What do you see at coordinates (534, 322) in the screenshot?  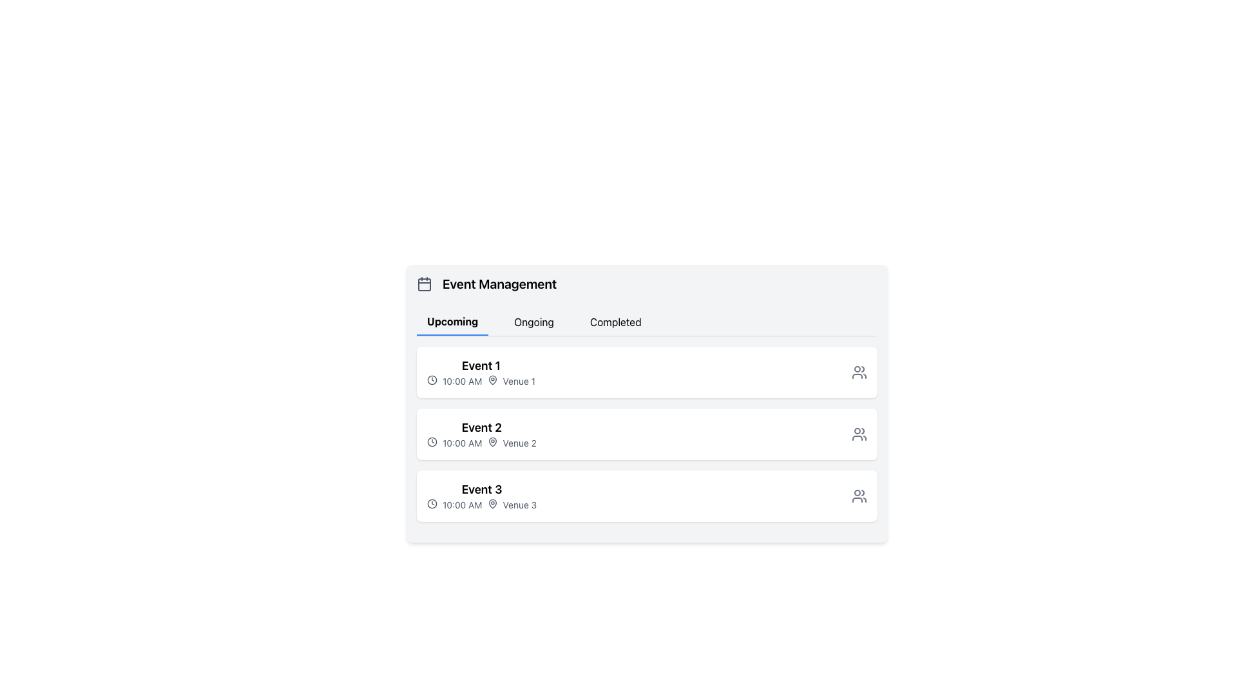 I see `the 'Ongoing' navigational tab` at bounding box center [534, 322].